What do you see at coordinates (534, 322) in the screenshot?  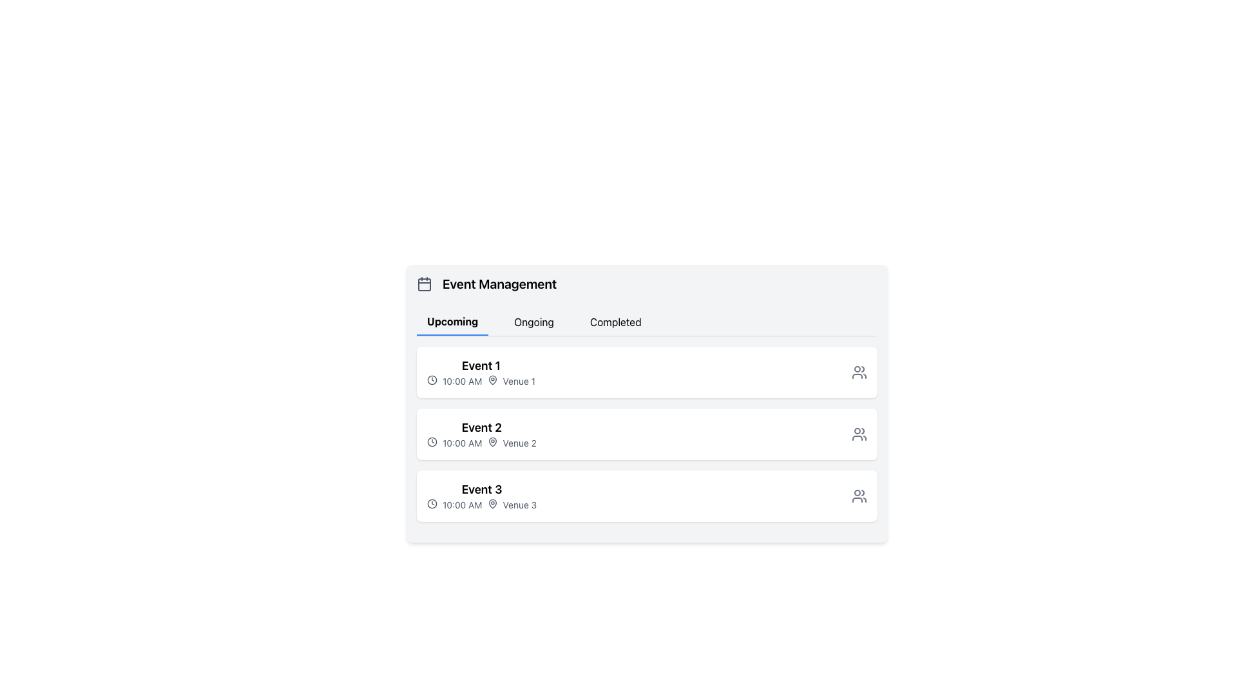 I see `the 'Ongoing' navigational tab` at bounding box center [534, 322].